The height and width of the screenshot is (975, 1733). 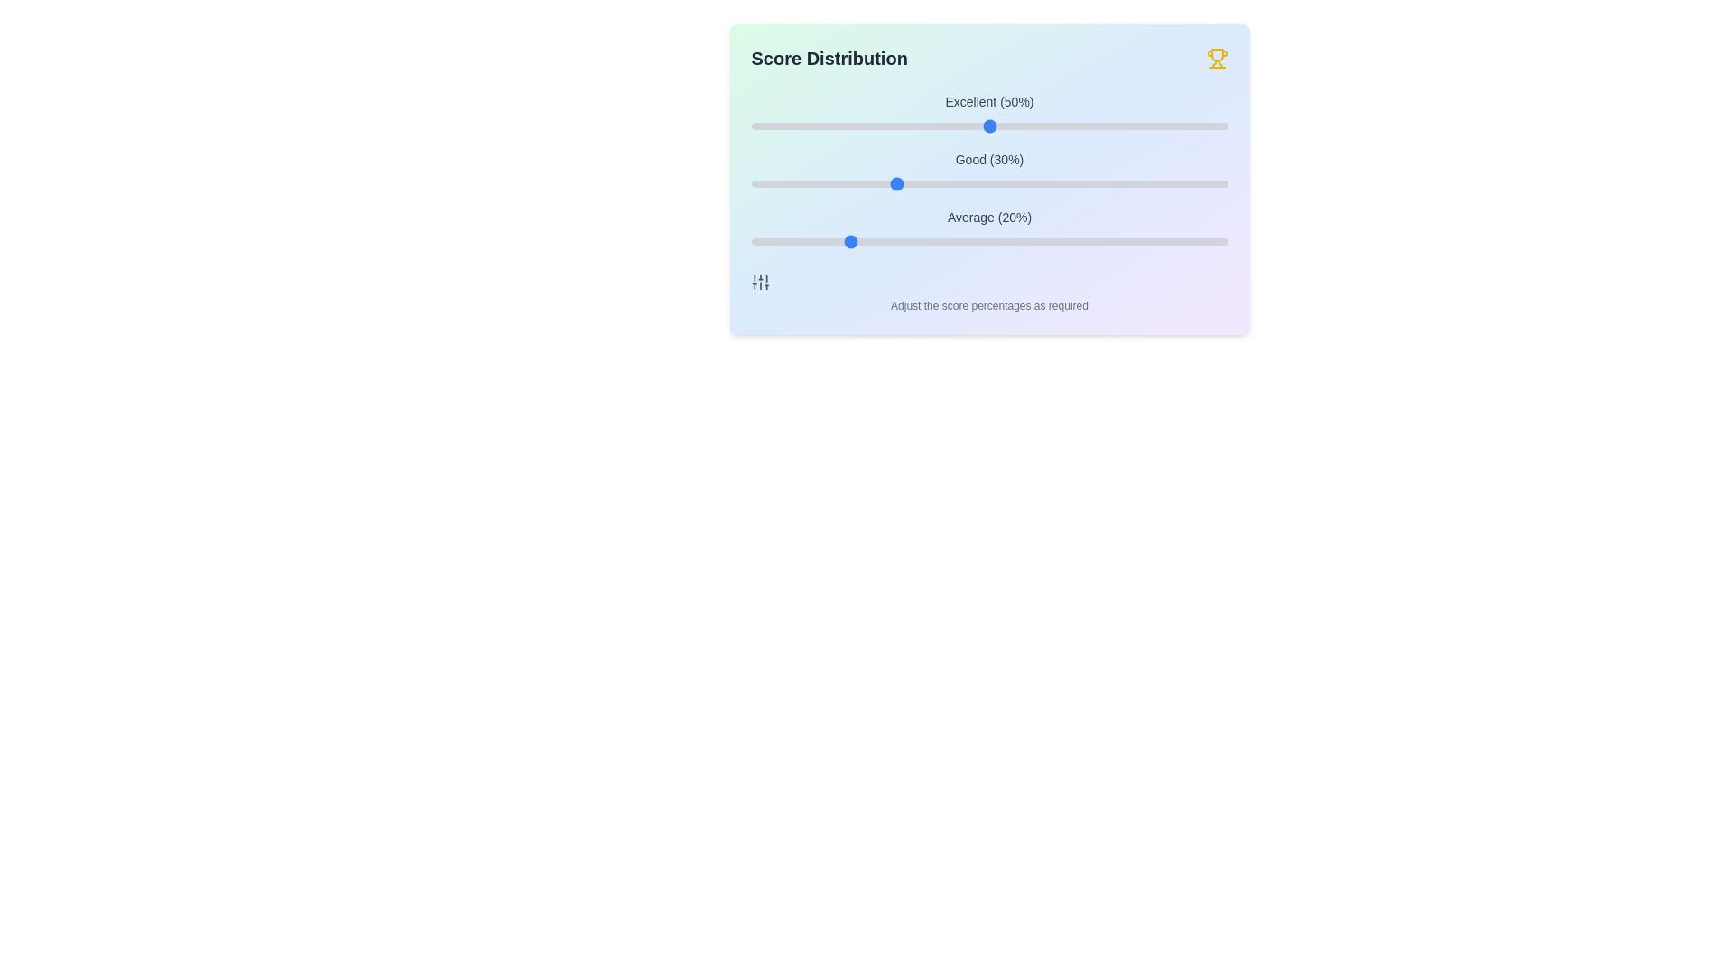 I want to click on the trophy icon to trigger its associated action, so click(x=1217, y=58).